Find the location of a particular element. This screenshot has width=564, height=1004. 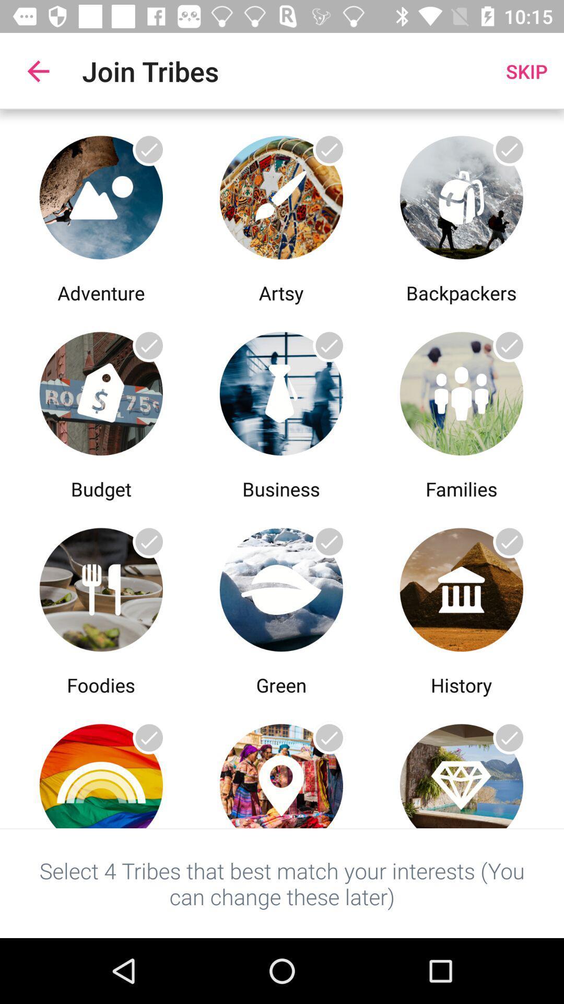

comidas is located at coordinates (101, 587).